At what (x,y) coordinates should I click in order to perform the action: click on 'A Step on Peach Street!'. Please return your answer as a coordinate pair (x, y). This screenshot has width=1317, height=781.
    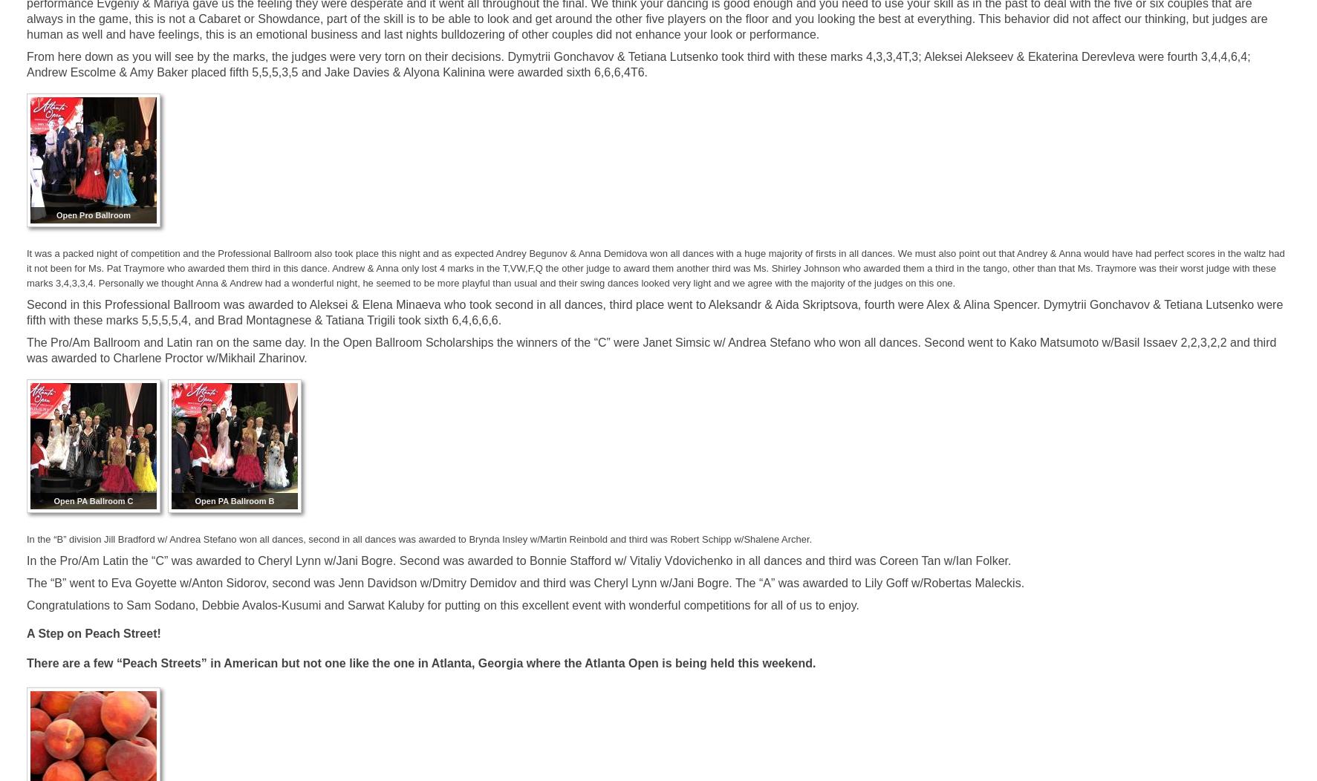
    Looking at the image, I should click on (25, 633).